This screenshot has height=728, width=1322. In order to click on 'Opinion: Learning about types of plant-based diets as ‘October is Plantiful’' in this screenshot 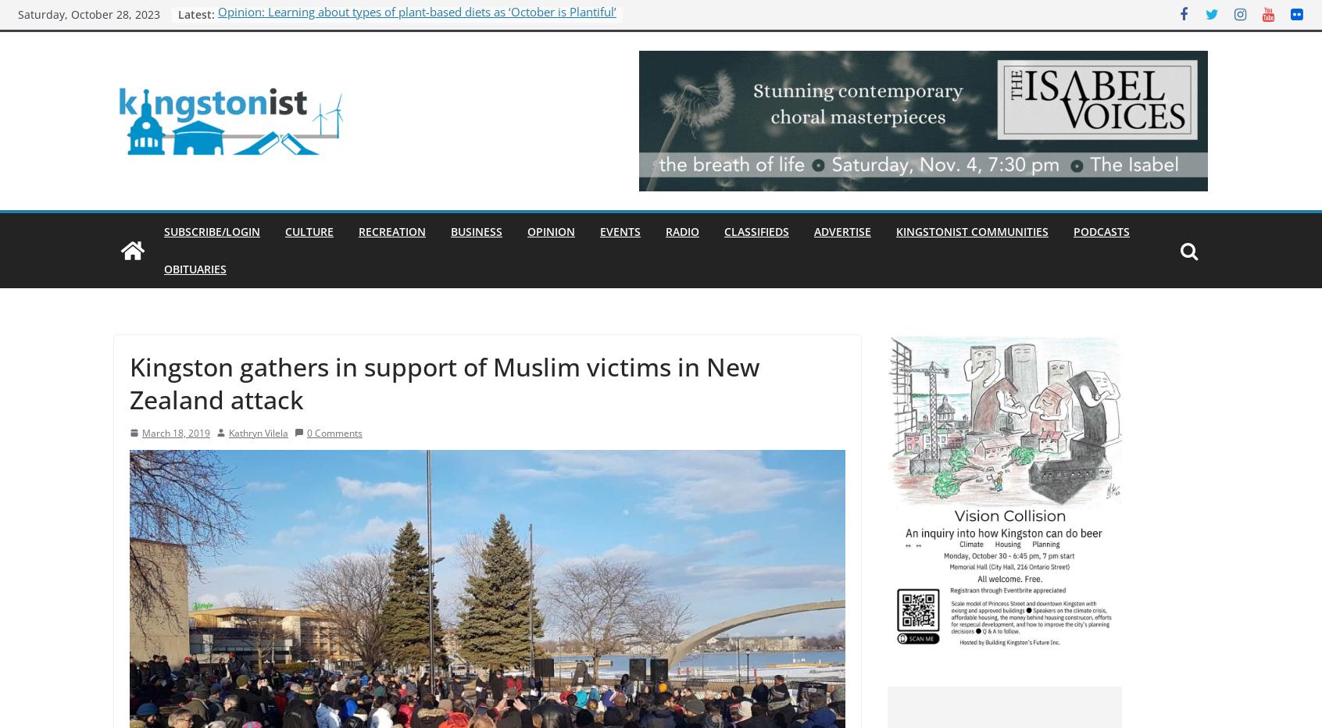, I will do `click(416, 14)`.